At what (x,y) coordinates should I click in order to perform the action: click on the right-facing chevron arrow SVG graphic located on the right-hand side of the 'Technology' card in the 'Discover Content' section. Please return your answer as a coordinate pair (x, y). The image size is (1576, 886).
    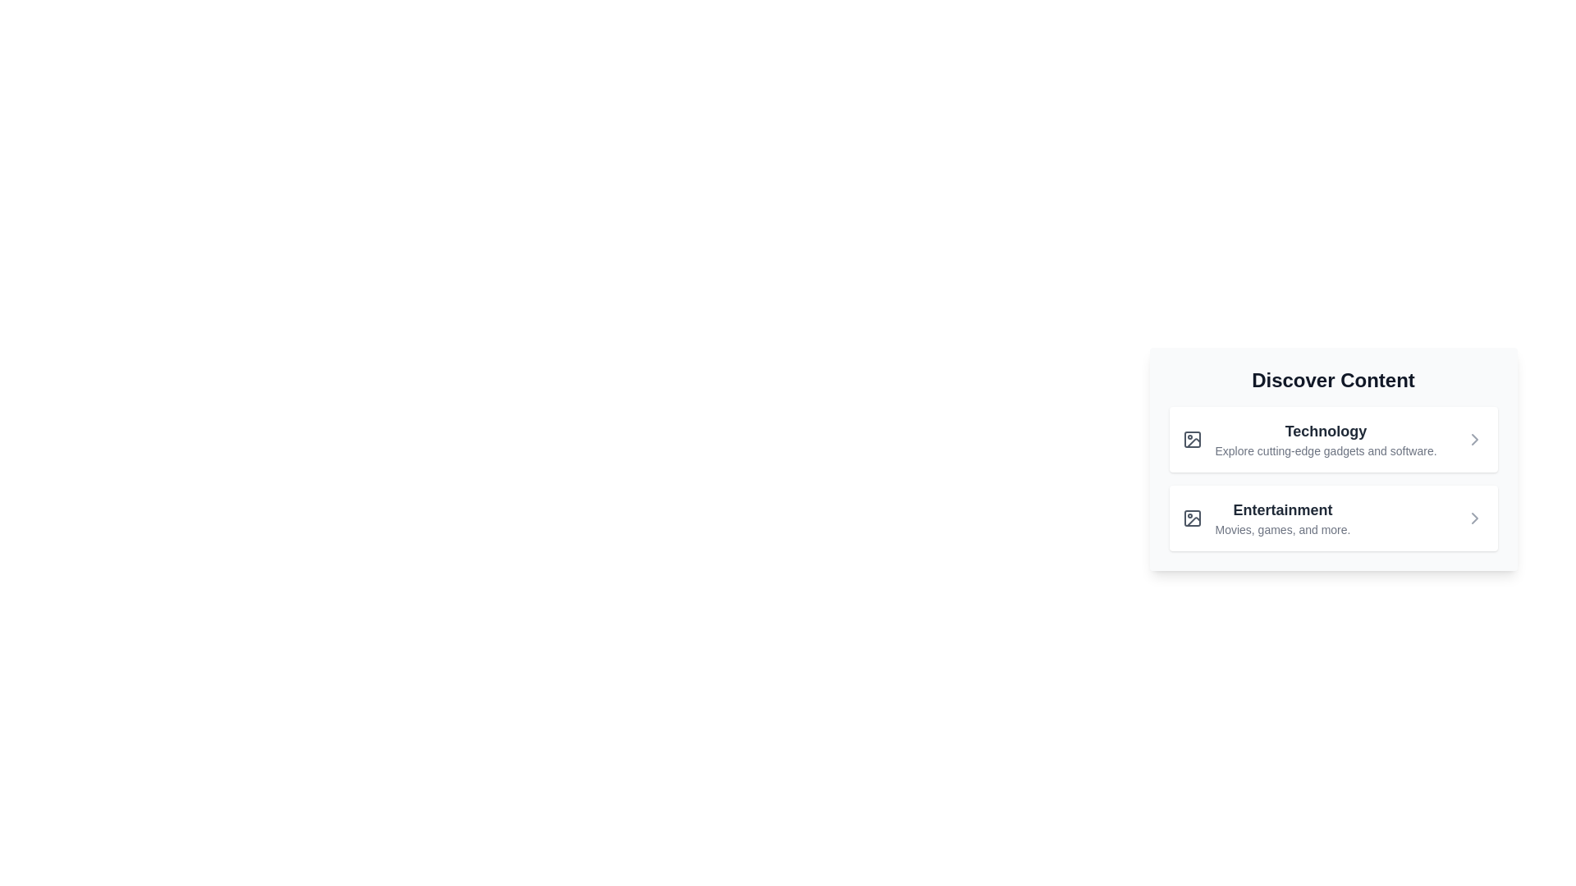
    Looking at the image, I should click on (1474, 439).